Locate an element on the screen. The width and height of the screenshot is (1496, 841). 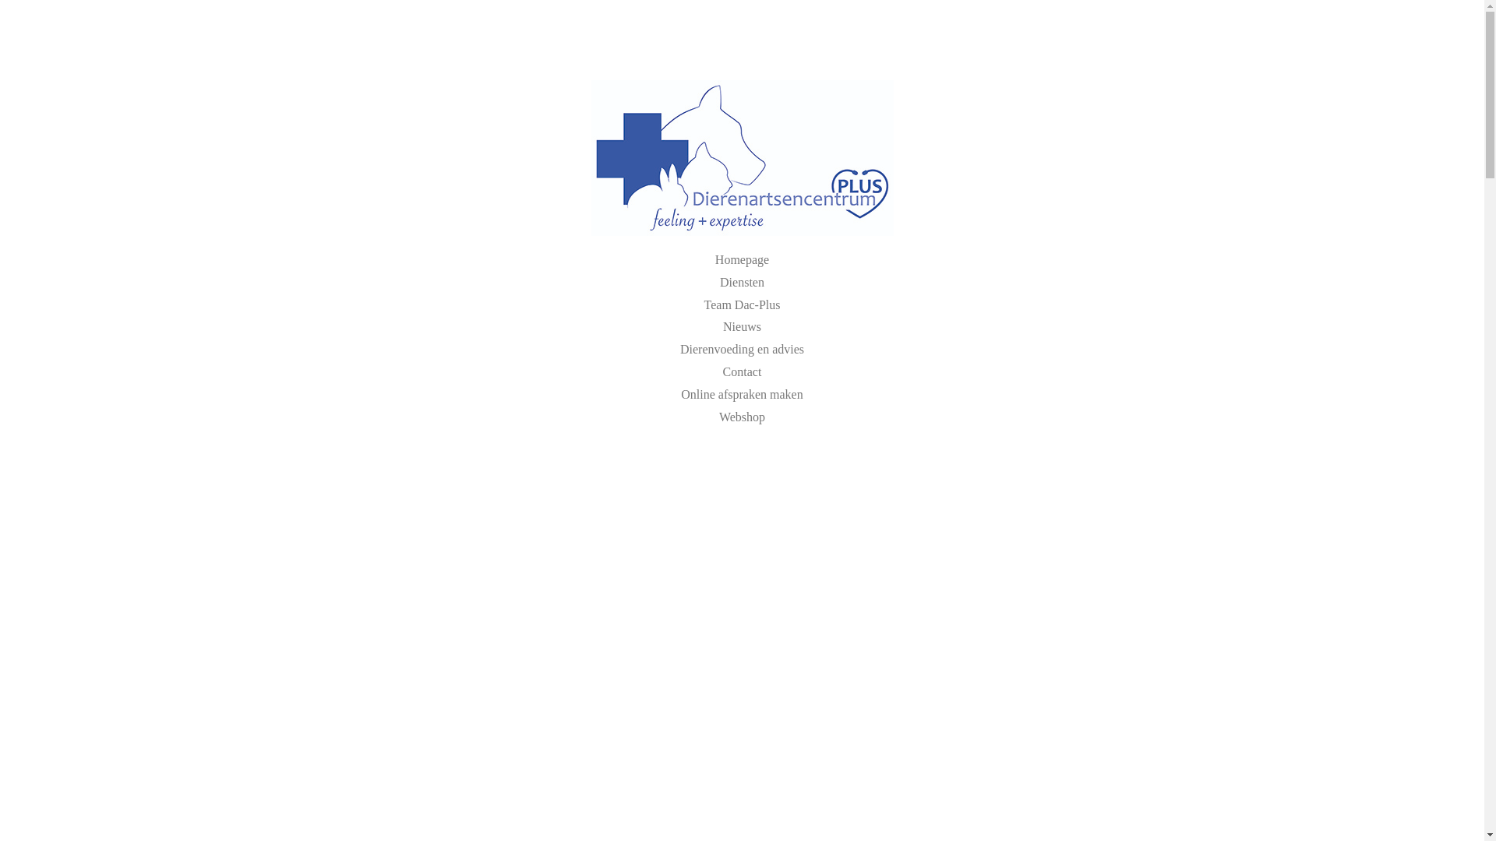
'Homepage' is located at coordinates (741, 259).